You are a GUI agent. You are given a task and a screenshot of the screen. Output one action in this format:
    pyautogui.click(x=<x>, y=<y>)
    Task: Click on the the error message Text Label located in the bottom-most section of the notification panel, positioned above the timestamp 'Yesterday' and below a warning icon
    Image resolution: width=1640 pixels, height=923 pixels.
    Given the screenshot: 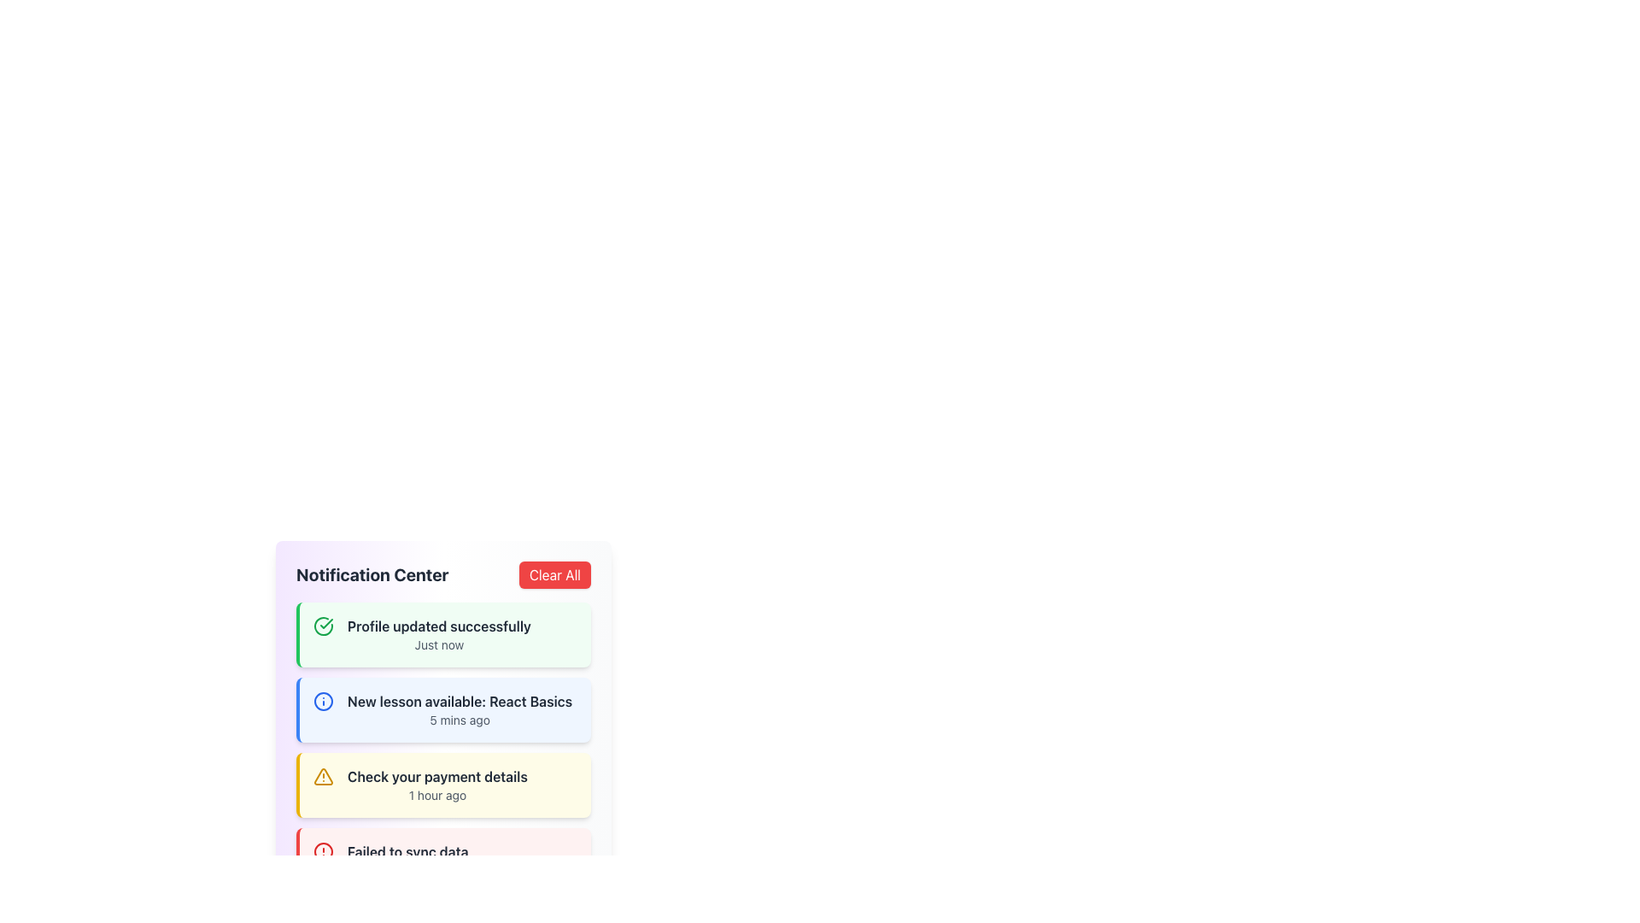 What is the action you would take?
    pyautogui.click(x=407, y=851)
    